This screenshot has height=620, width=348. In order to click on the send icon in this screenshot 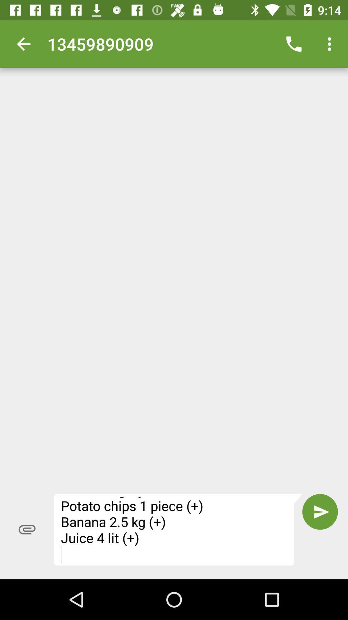, I will do `click(320, 512)`.